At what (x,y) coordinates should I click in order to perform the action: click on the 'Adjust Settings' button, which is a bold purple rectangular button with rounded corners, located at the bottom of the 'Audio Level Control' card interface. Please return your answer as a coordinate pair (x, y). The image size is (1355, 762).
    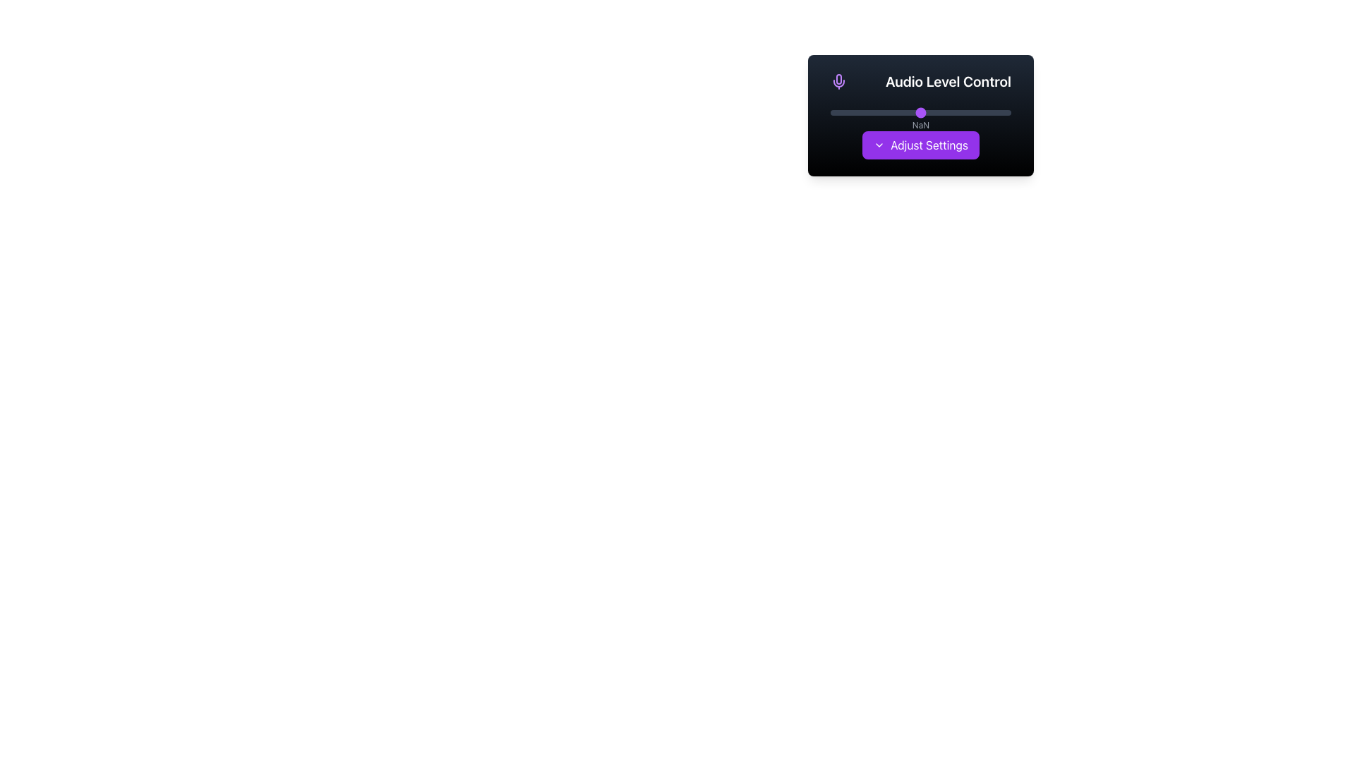
    Looking at the image, I should click on (921, 145).